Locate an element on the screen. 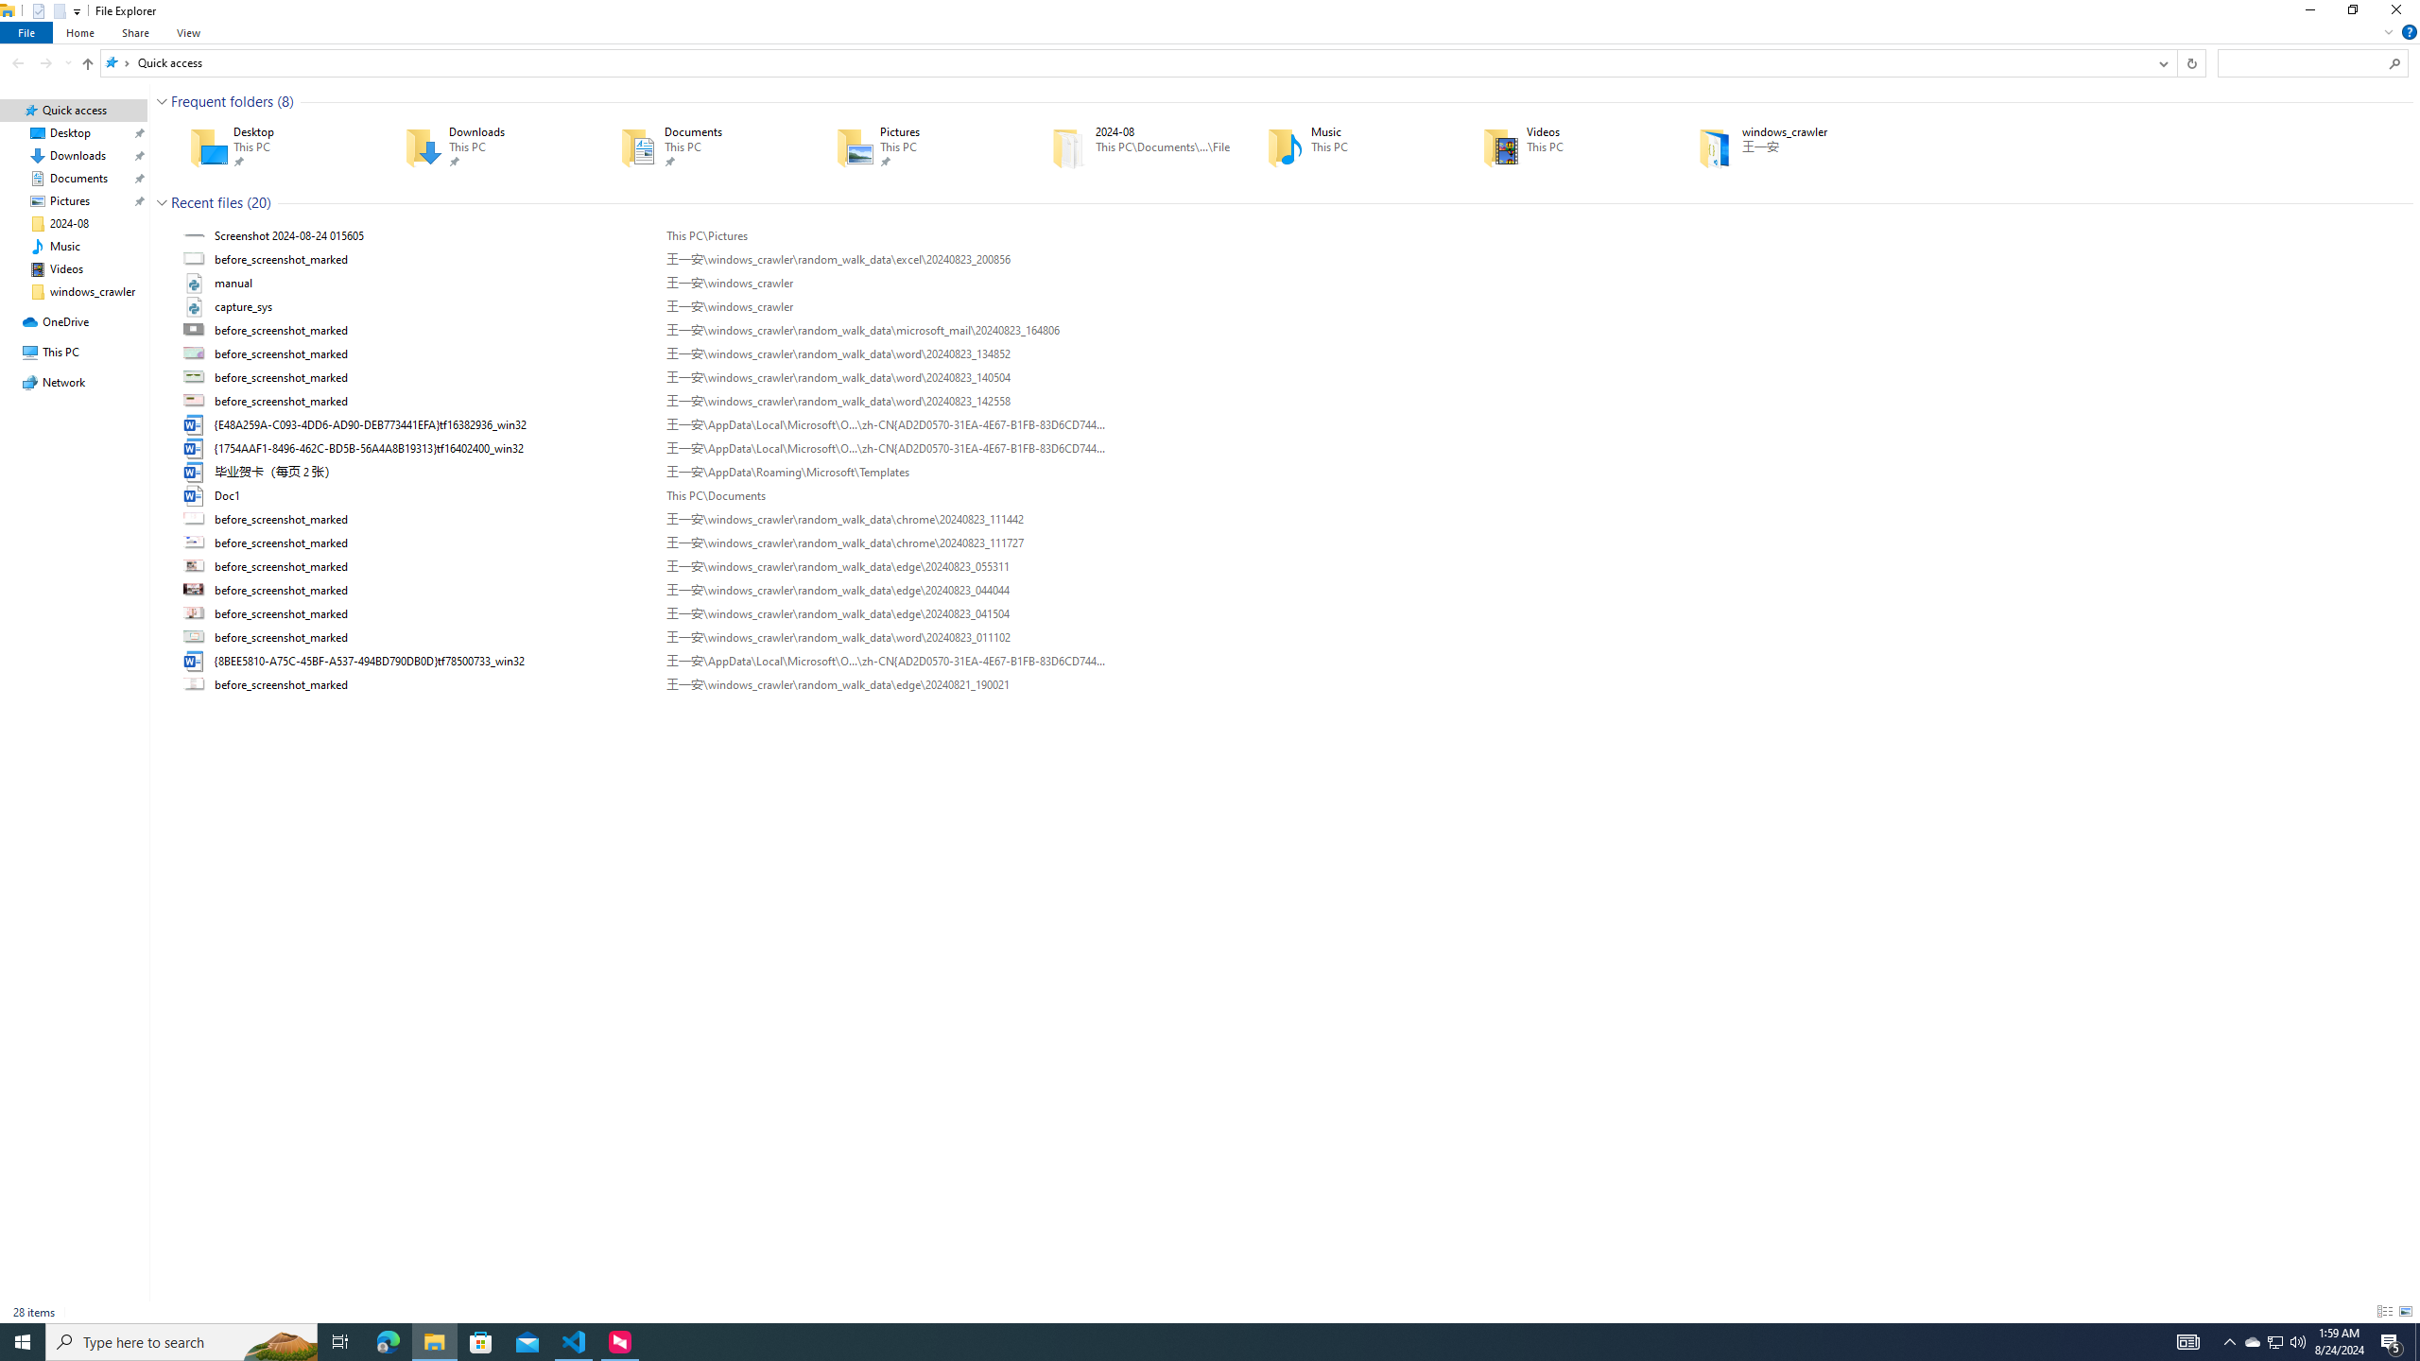 Image resolution: width=2420 pixels, height=1361 pixels. 'Quick Access Toolbar' is located at coordinates (49, 10).